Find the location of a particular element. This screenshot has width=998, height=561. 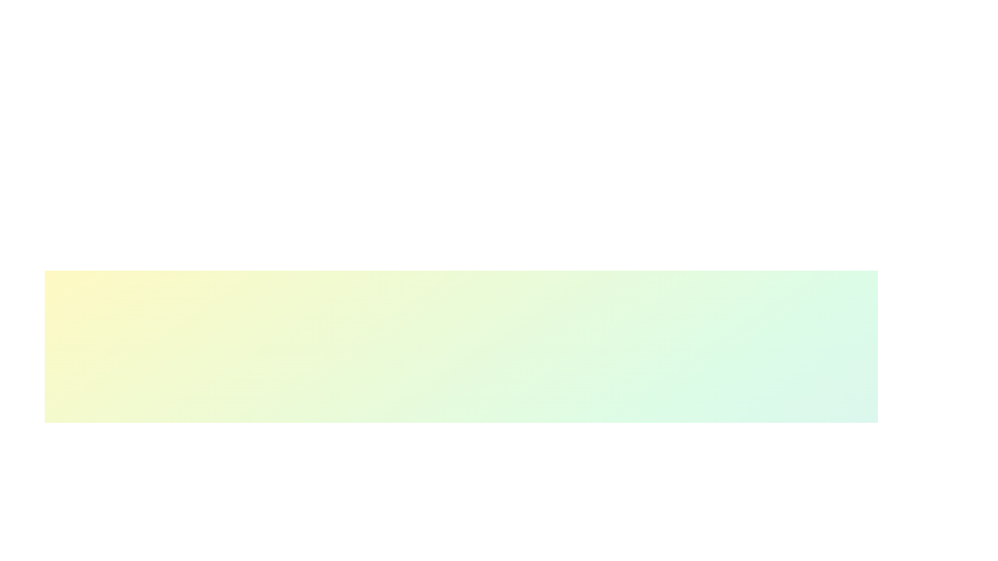

the skill progress slider for 1 to 32% is located at coordinates (419, 555).